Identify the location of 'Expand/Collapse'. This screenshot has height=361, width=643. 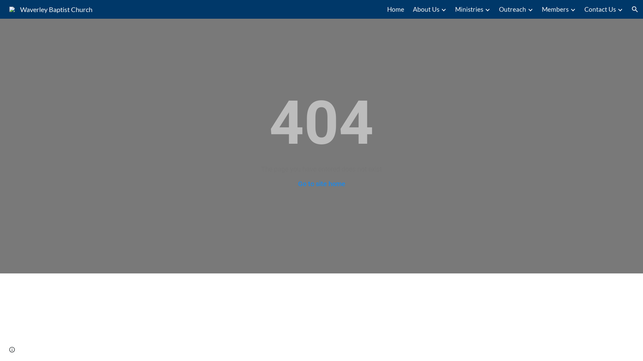
(620, 9).